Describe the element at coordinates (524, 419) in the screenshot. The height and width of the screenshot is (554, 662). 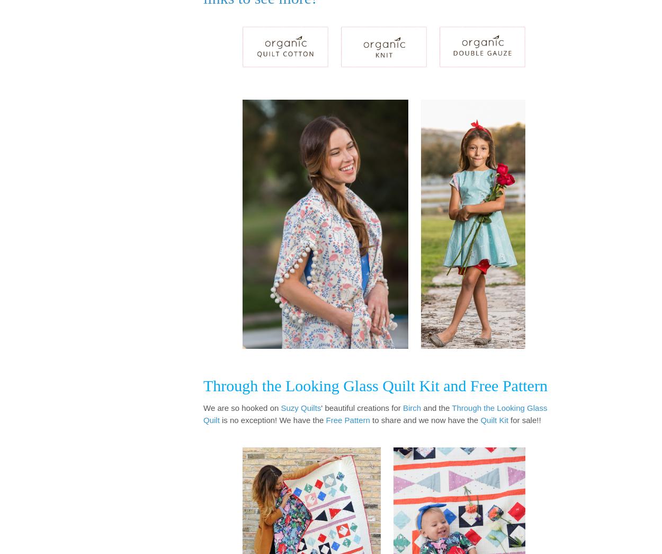
I see `'for sale!!'` at that location.